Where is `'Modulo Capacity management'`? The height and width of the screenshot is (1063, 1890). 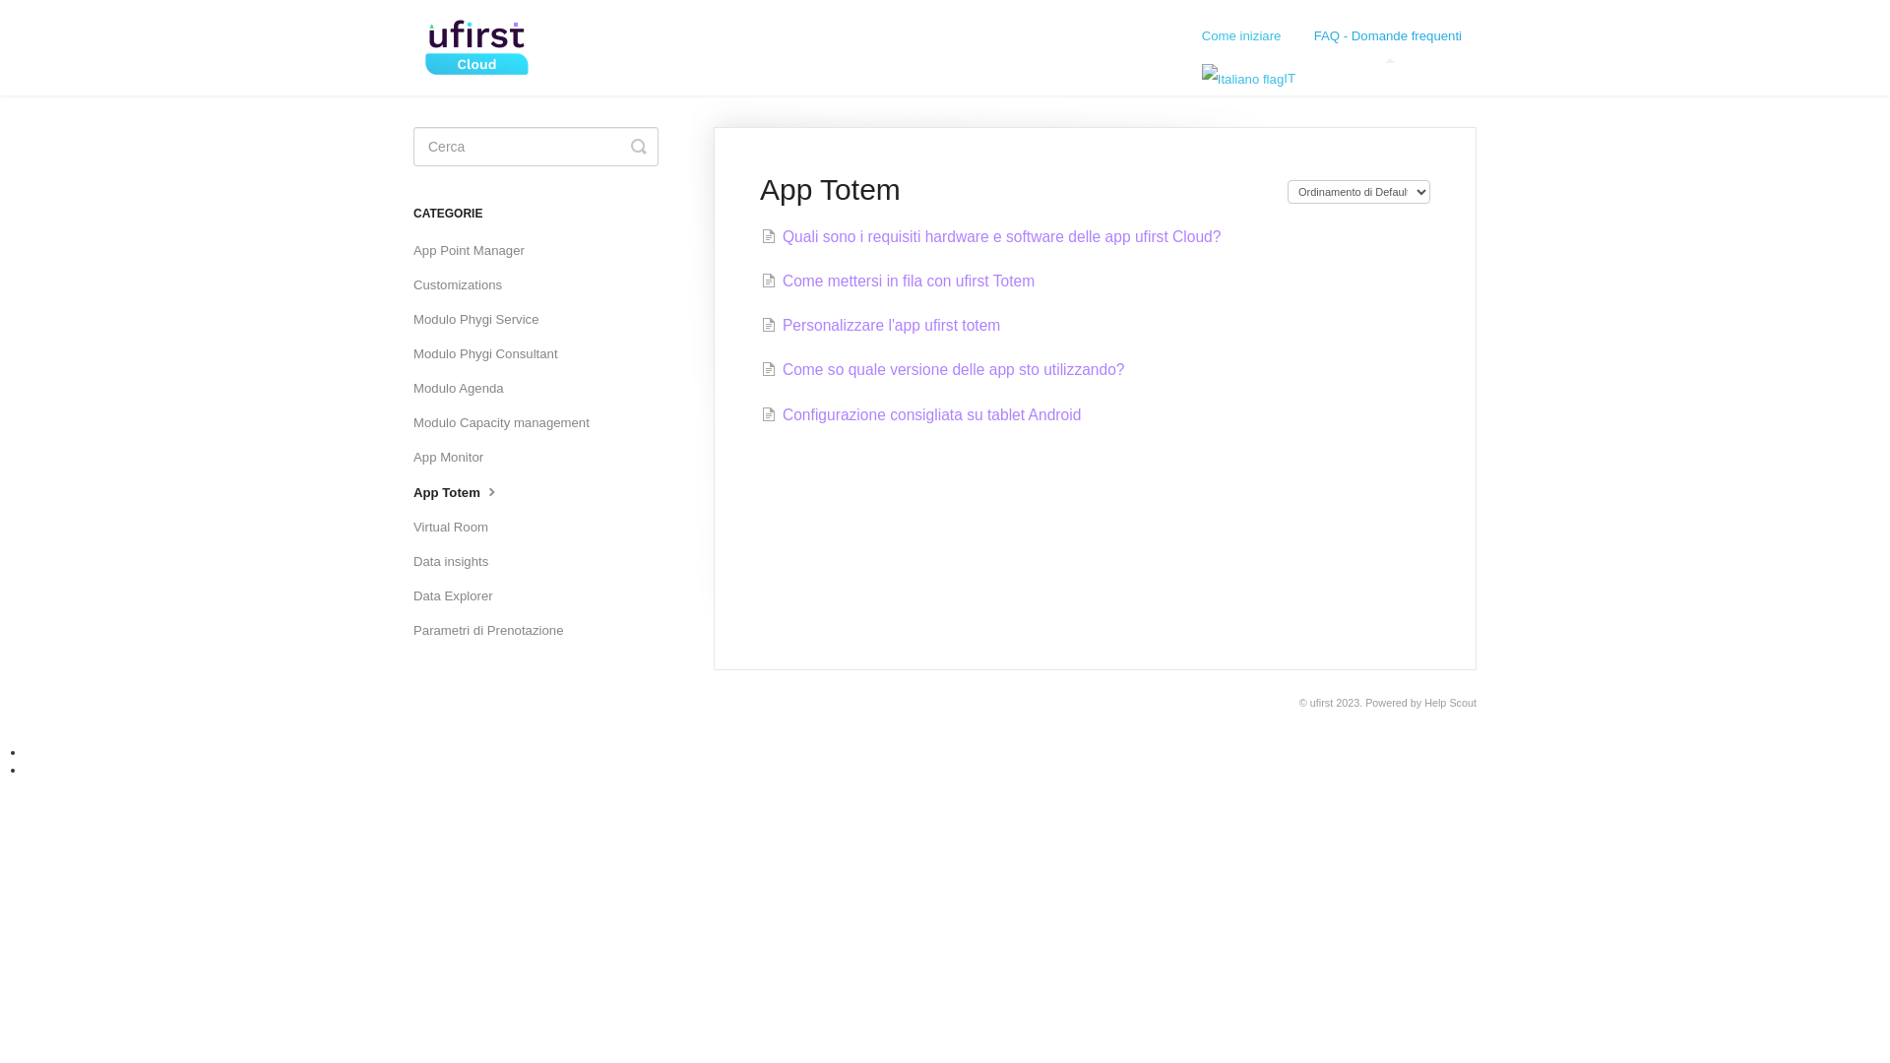 'Modulo Capacity management' is located at coordinates (509, 421).